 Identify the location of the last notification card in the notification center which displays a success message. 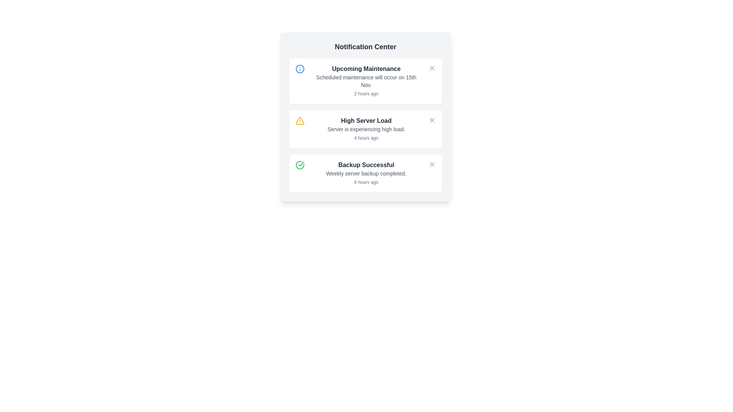
(365, 174).